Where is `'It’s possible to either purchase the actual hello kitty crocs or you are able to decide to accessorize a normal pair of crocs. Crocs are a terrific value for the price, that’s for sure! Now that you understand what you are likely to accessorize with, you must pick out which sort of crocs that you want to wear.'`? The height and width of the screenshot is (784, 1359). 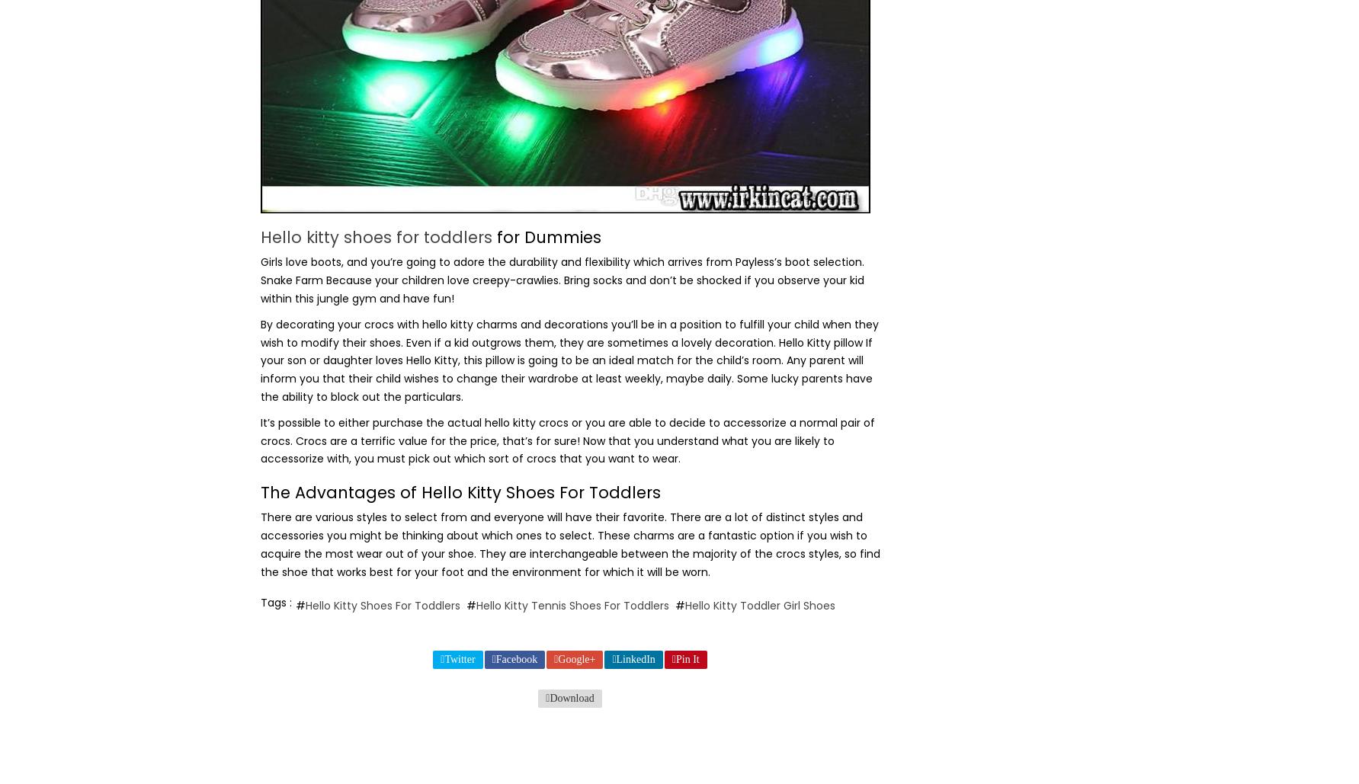
'It’s possible to either purchase the actual hello kitty crocs or you are able to decide to accessorize a normal pair of crocs. Crocs are a terrific value for the price, that’s for sure! Now that you understand what you are likely to accessorize with, you must pick out which sort of crocs that you want to wear.' is located at coordinates (566, 439).